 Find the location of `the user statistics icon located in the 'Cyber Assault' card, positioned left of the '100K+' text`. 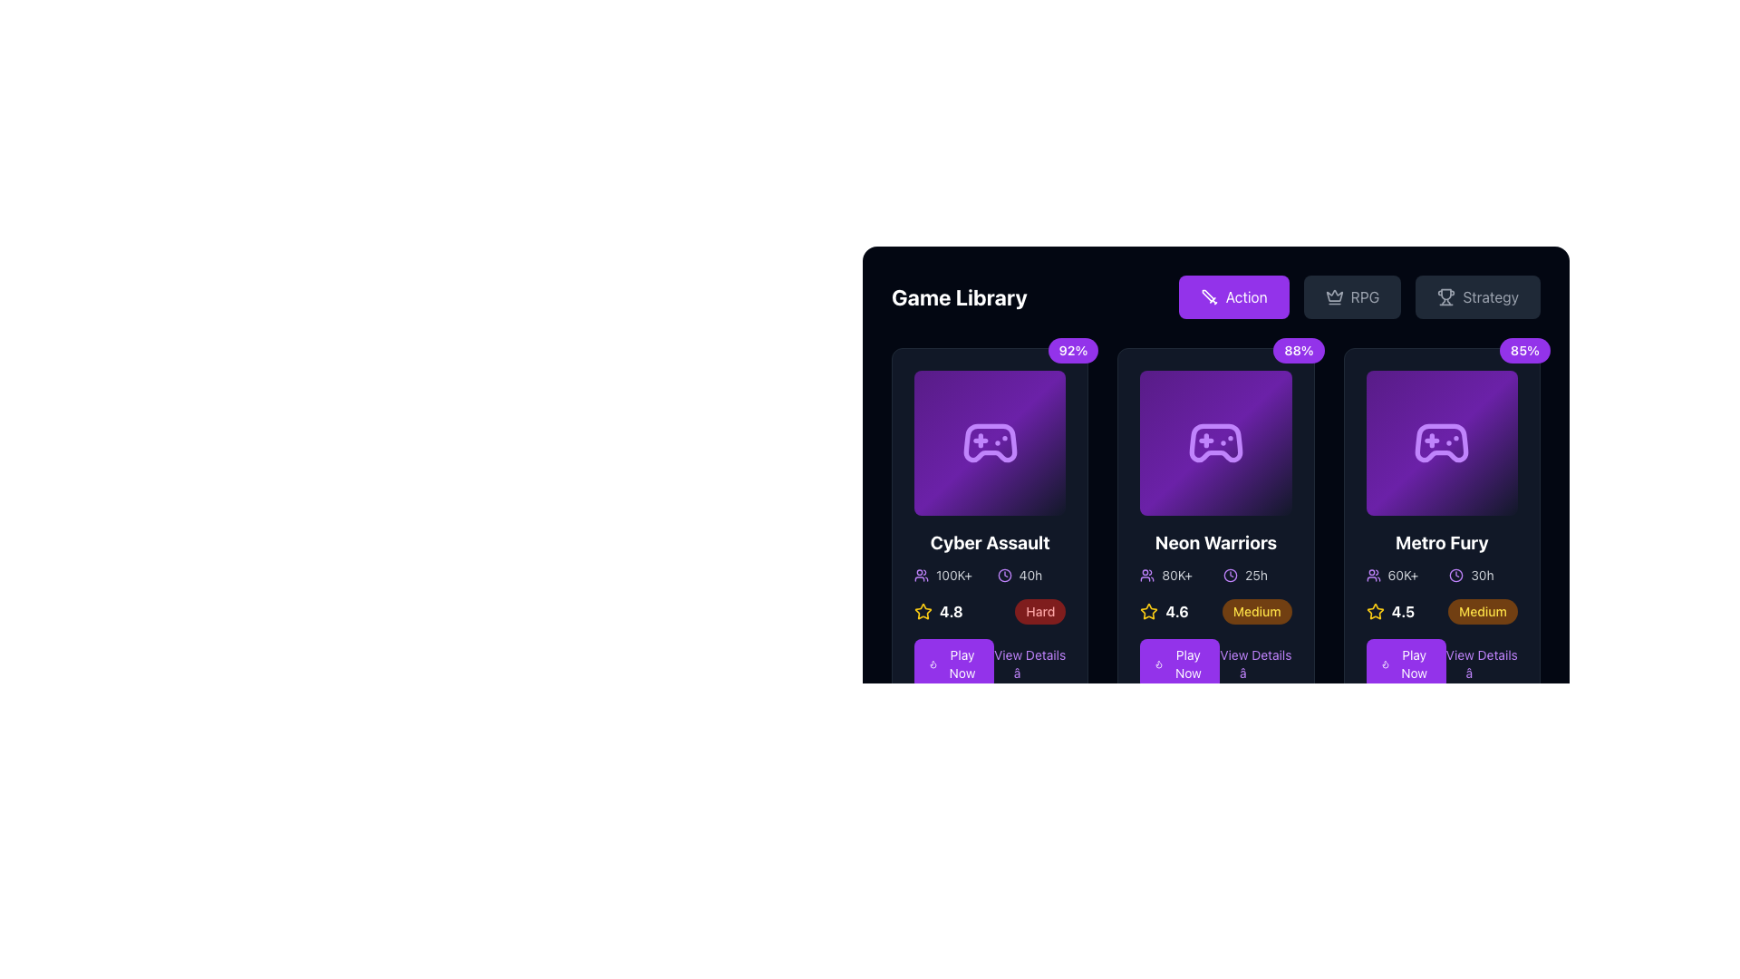

the user statistics icon located in the 'Cyber Assault' card, positioned left of the '100K+' text is located at coordinates (922, 576).